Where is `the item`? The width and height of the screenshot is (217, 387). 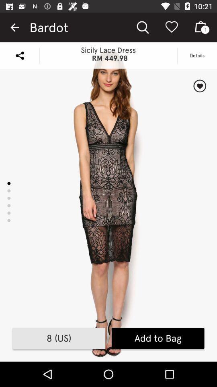 the item is located at coordinates (199, 86).